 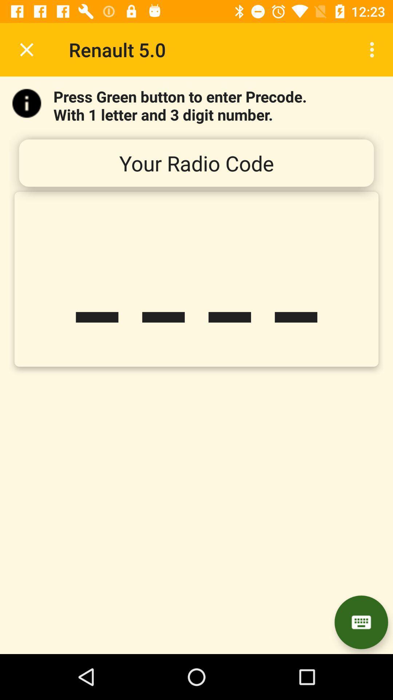 I want to click on the icon to the right of renault 5.0, so click(x=374, y=49).